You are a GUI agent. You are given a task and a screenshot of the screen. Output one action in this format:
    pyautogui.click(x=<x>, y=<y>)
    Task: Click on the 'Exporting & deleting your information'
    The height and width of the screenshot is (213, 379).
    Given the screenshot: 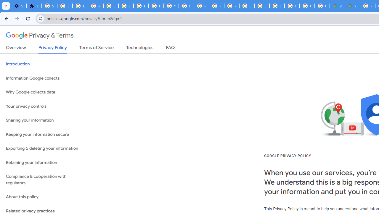 What is the action you would take?
    pyautogui.click(x=45, y=148)
    